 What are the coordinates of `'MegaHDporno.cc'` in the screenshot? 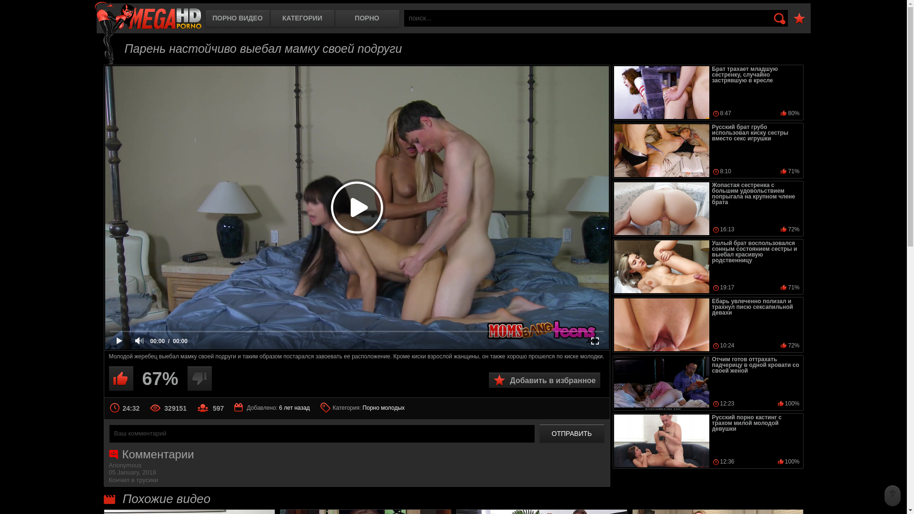 It's located at (147, 16).